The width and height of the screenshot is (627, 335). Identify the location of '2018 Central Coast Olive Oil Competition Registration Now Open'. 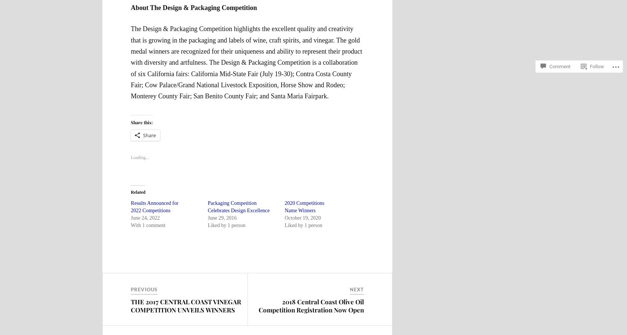
(311, 305).